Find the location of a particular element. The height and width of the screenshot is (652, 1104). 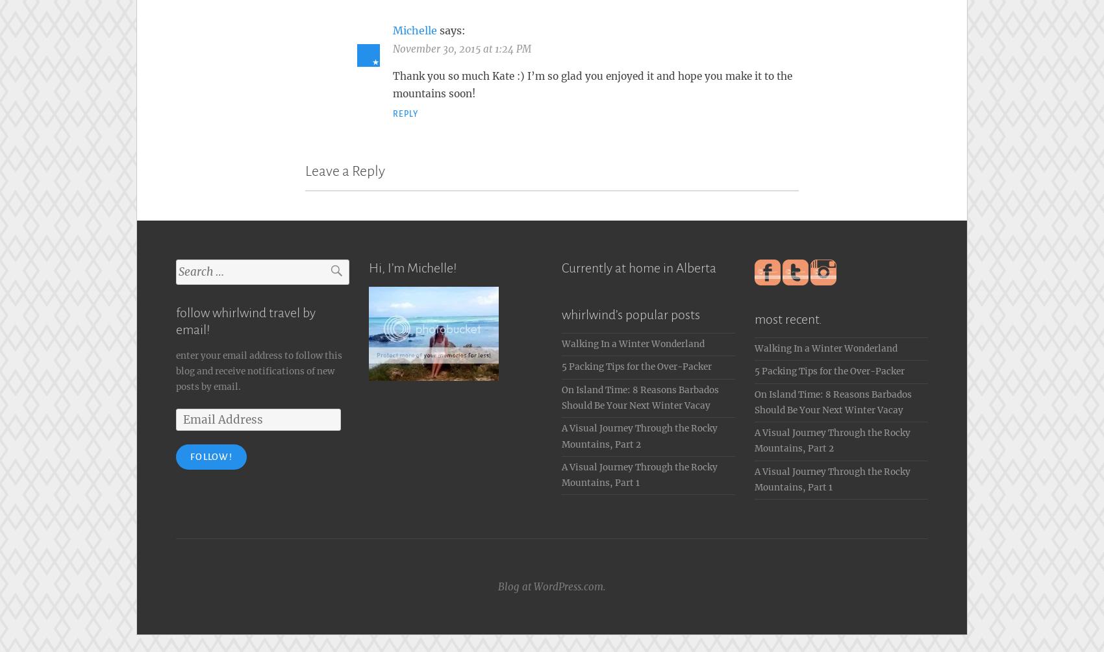

'follow whirlwind travel by email!' is located at coordinates (245, 317).